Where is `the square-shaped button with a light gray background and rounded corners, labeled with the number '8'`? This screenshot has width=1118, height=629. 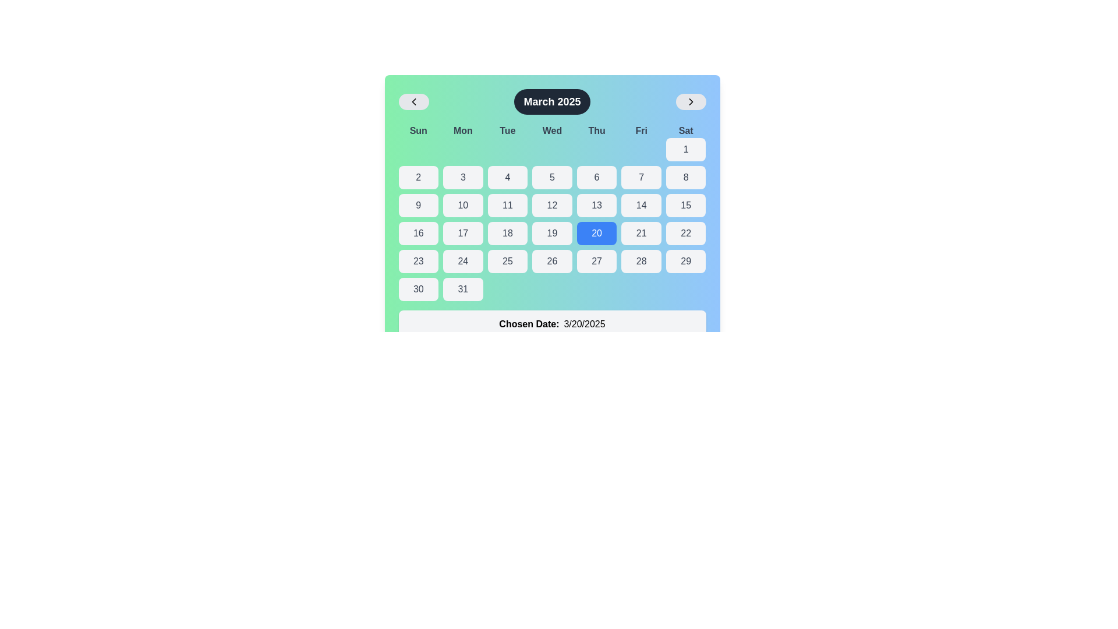
the square-shaped button with a light gray background and rounded corners, labeled with the number '8' is located at coordinates (686, 177).